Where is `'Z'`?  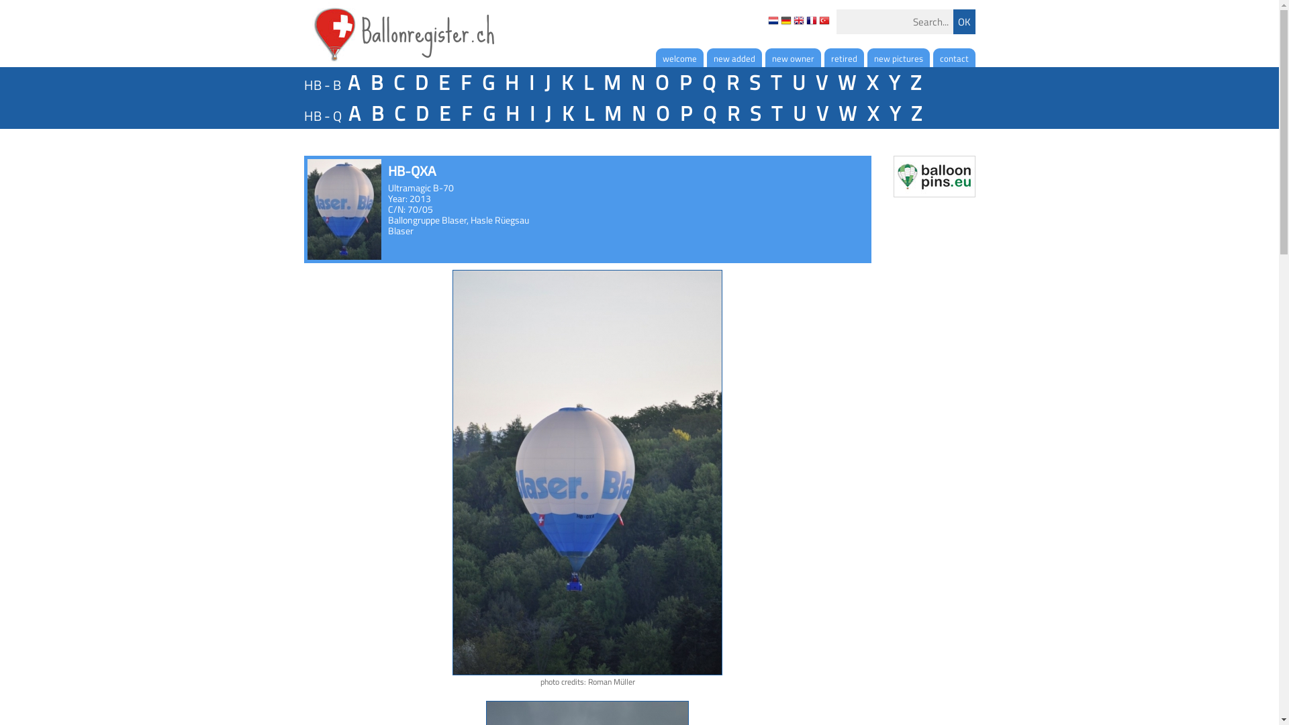 'Z' is located at coordinates (914, 113).